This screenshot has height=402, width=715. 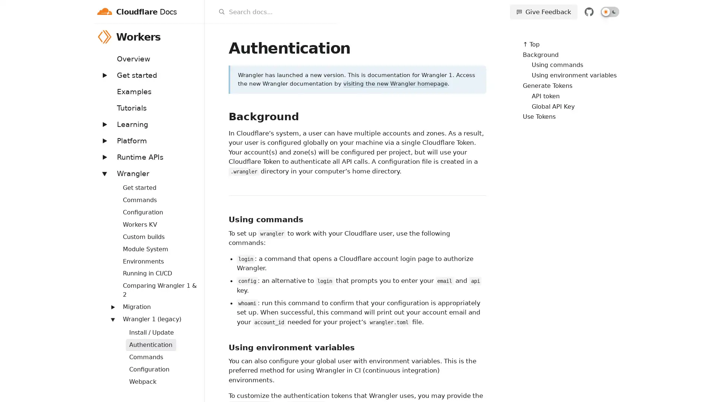 I want to click on Expand: Get started, so click(x=104, y=75).